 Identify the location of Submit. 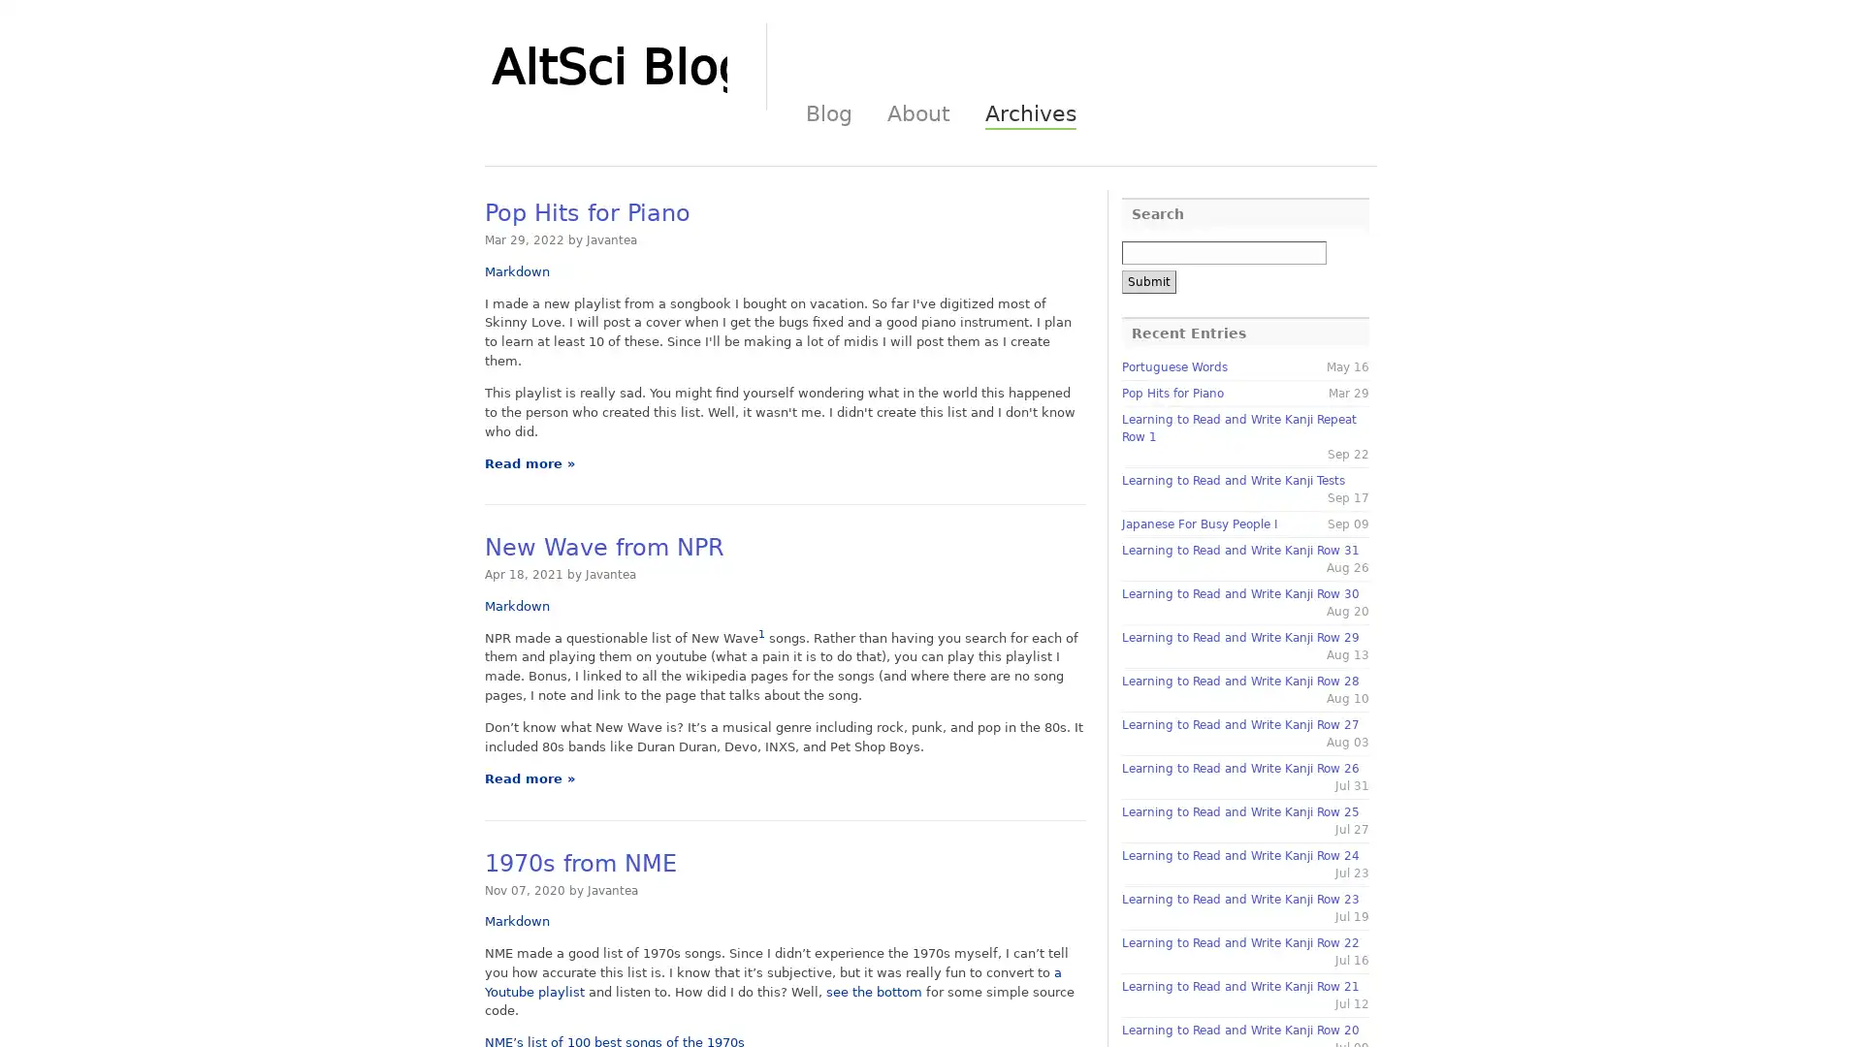
(1149, 281).